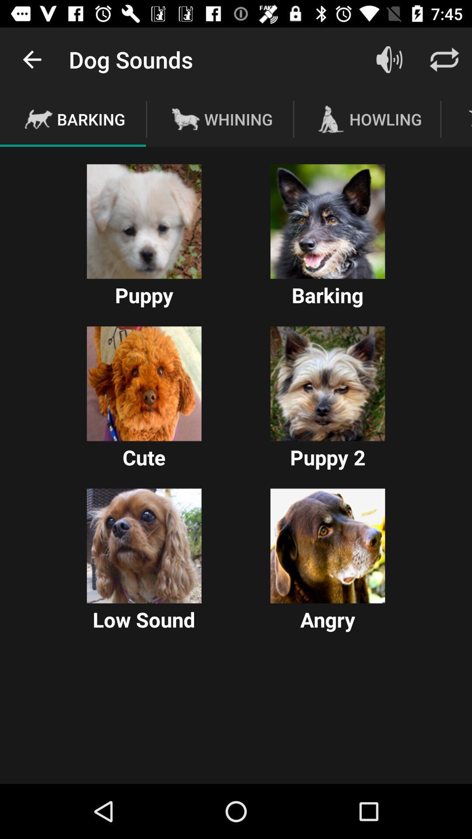  I want to click on lowers the sound of the bark, so click(144, 545).